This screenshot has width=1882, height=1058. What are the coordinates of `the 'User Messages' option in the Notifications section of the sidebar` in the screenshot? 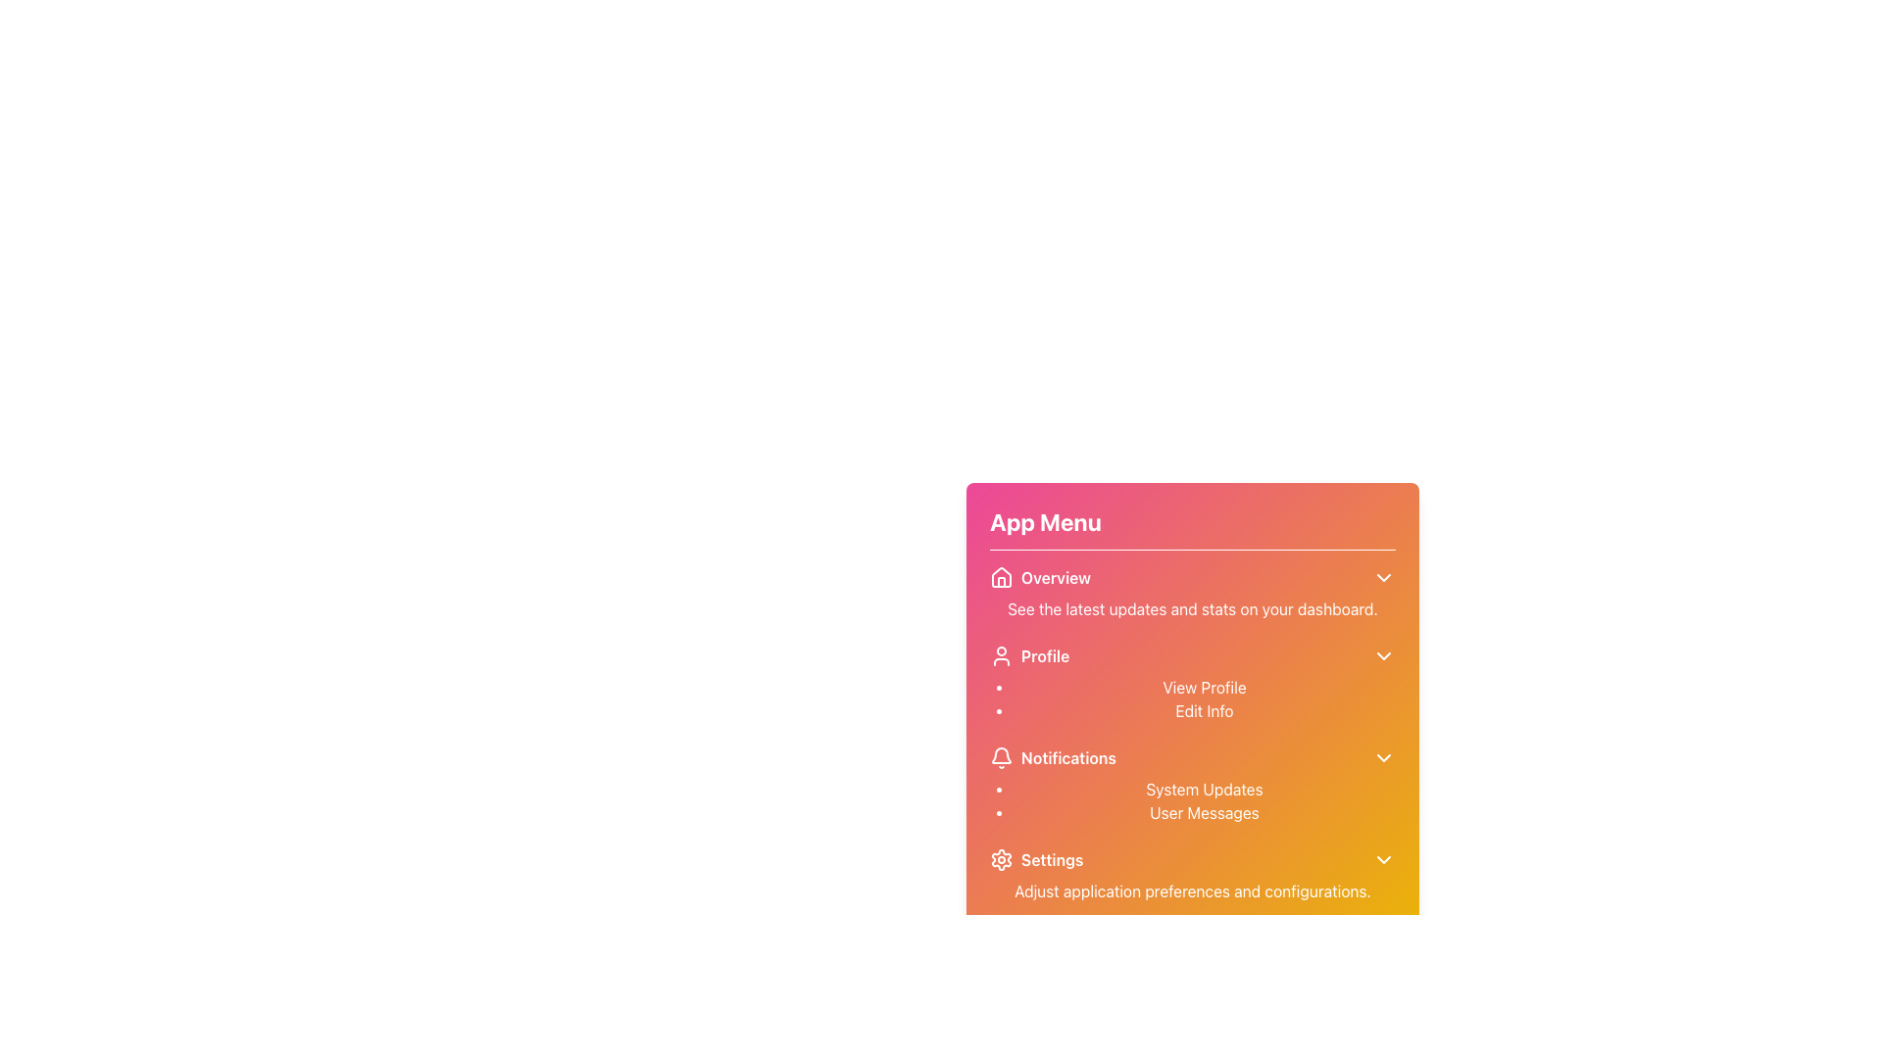 It's located at (1203, 800).